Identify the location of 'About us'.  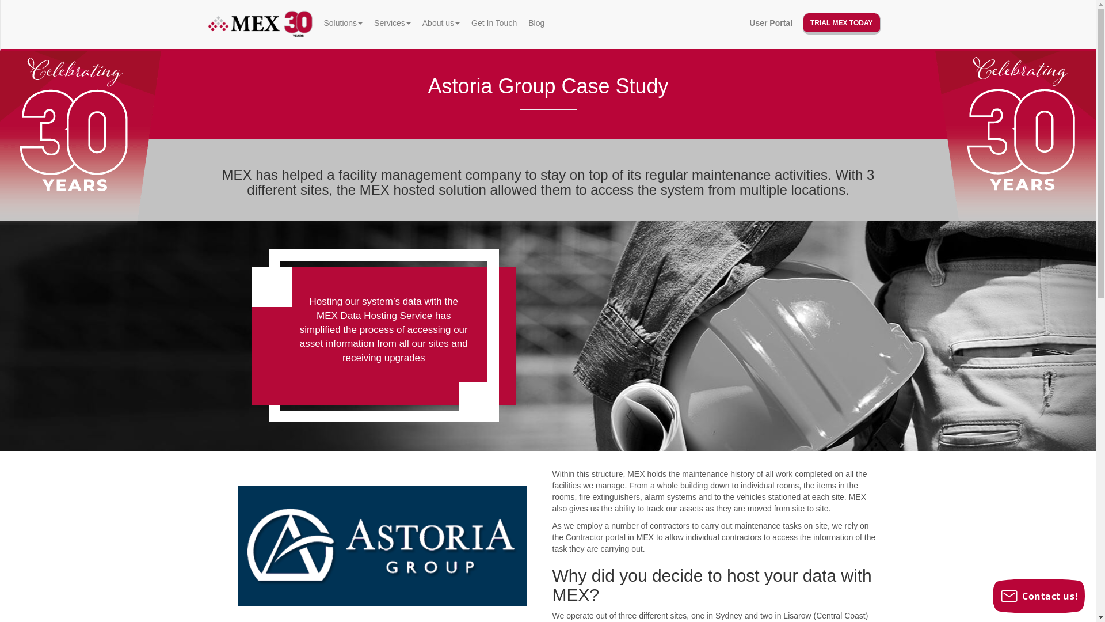
(440, 22).